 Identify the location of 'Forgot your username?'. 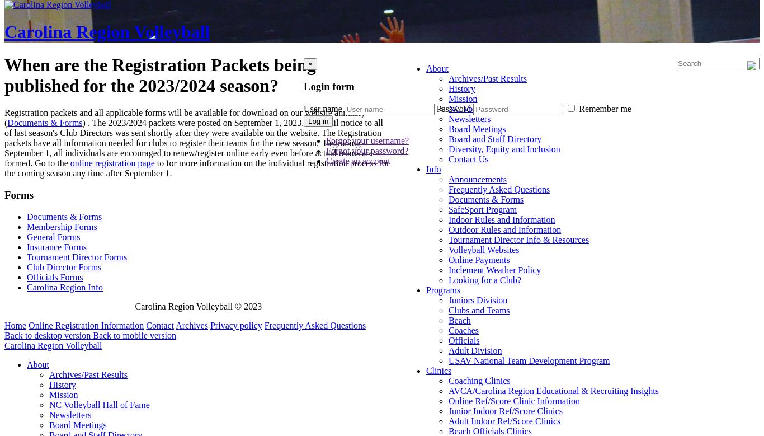
(326, 140).